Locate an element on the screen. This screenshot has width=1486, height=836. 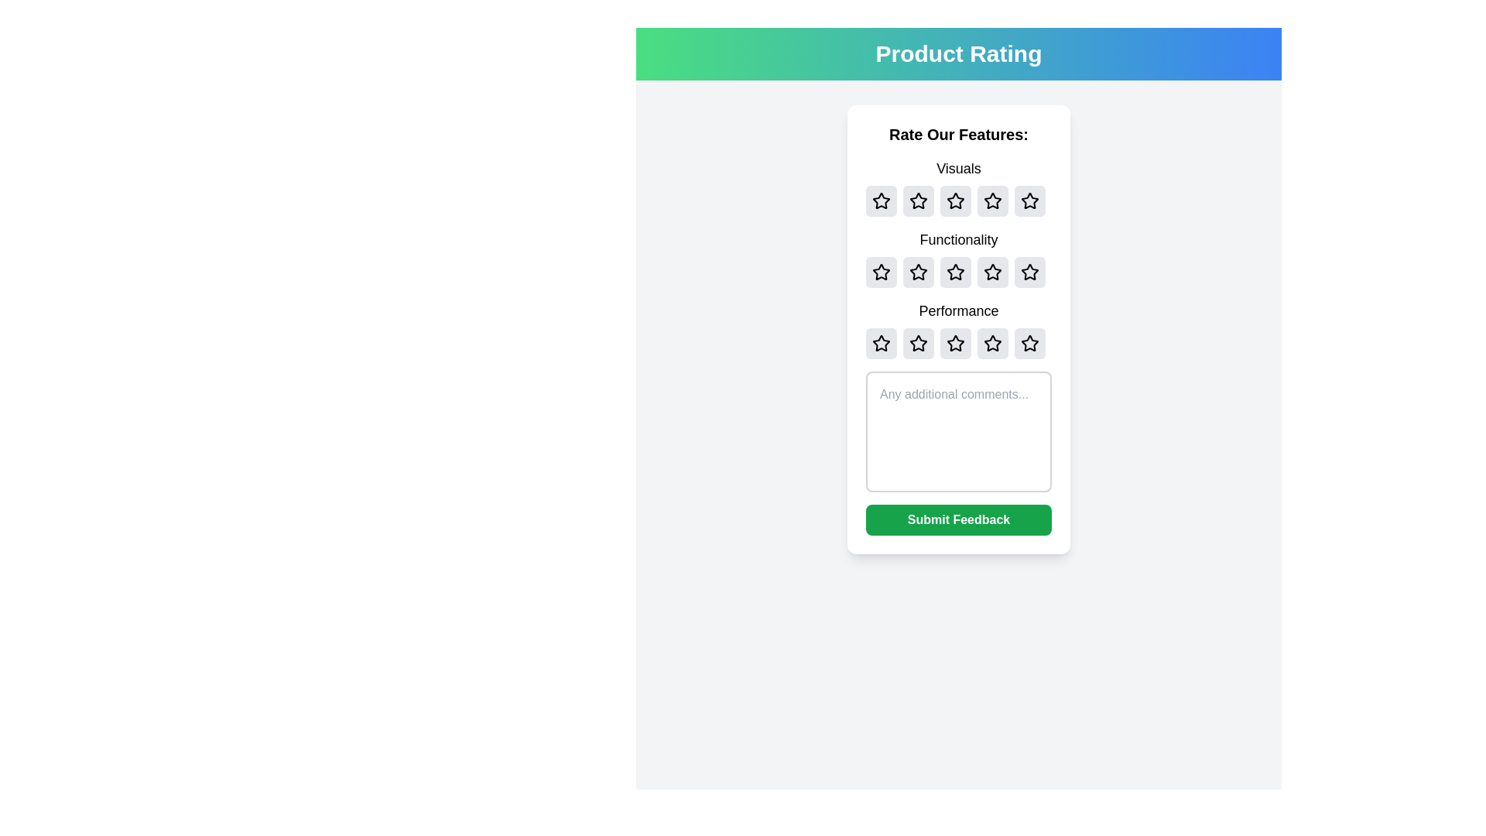
the first star in the rating section under 'Performance' to assign a rating score is located at coordinates (880, 342).